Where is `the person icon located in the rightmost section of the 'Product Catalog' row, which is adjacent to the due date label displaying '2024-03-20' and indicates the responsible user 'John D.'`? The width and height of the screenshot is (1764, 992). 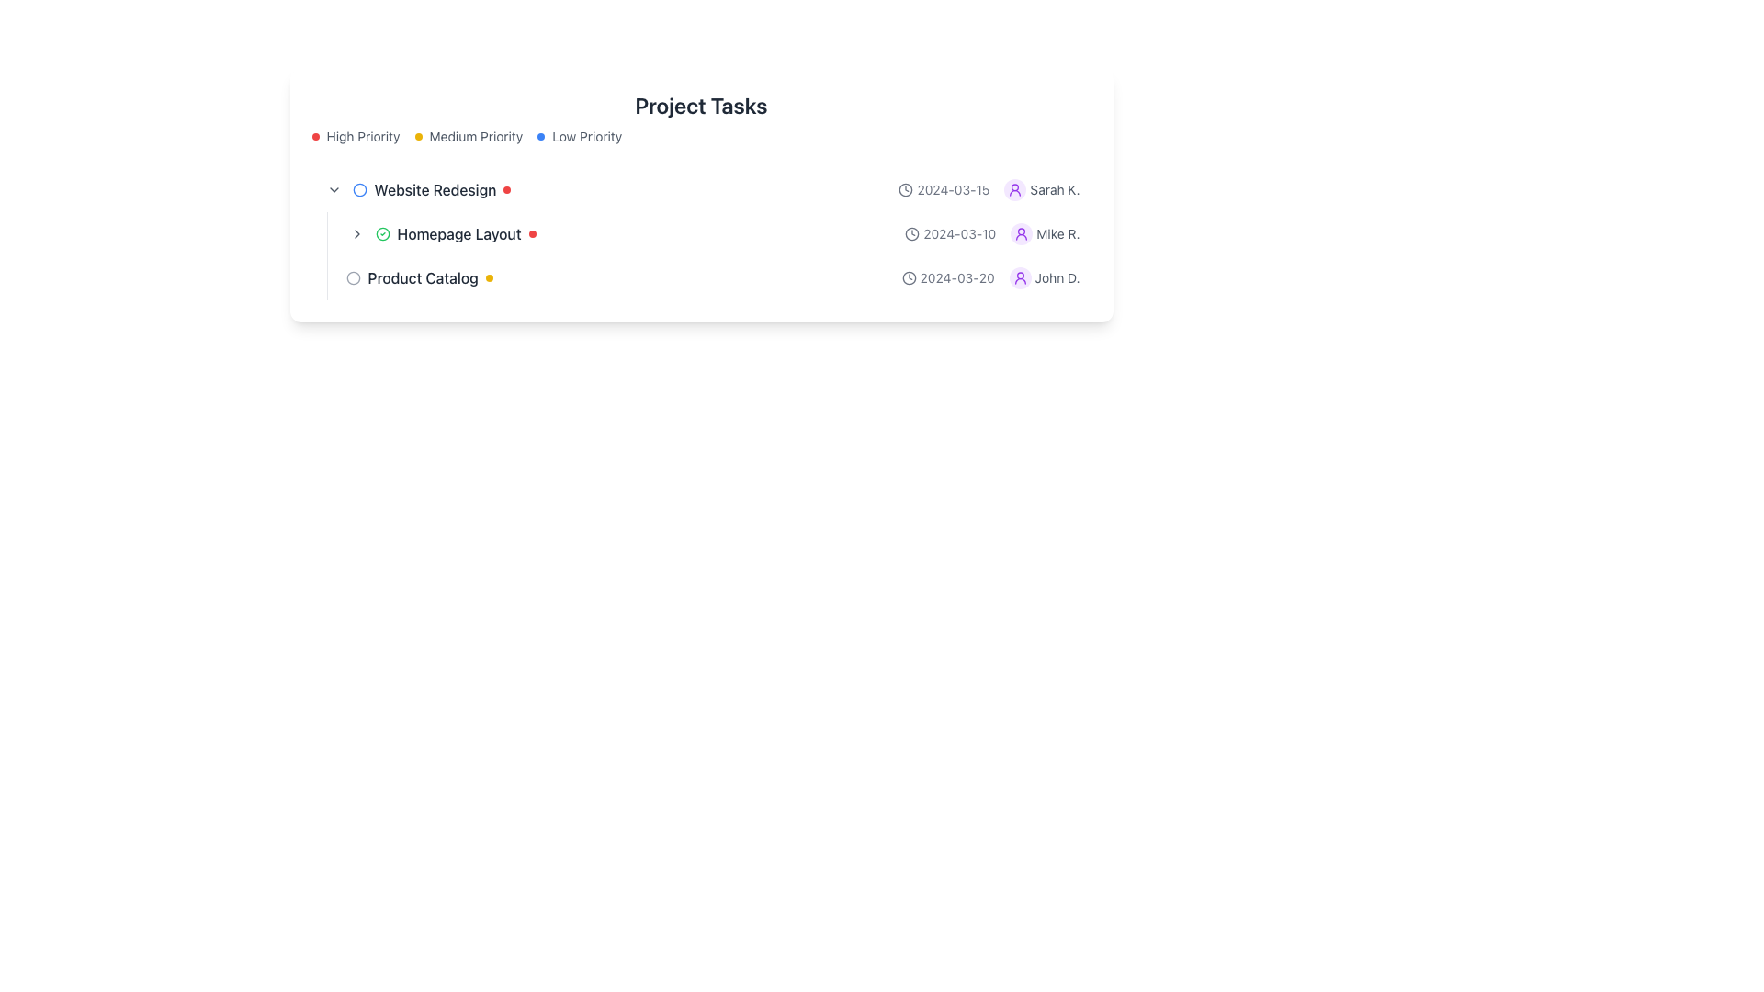 the person icon located in the rightmost section of the 'Product Catalog' row, which is adjacent to the due date label displaying '2024-03-20' and indicates the responsible user 'John D.' is located at coordinates (989, 278).